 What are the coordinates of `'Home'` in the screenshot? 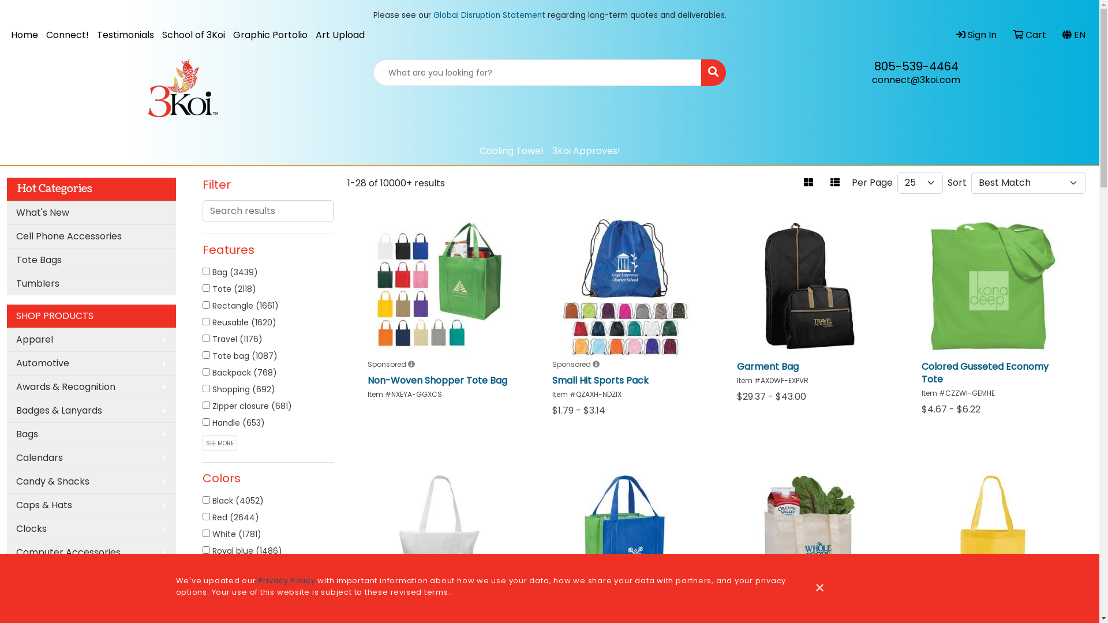 It's located at (24, 35).